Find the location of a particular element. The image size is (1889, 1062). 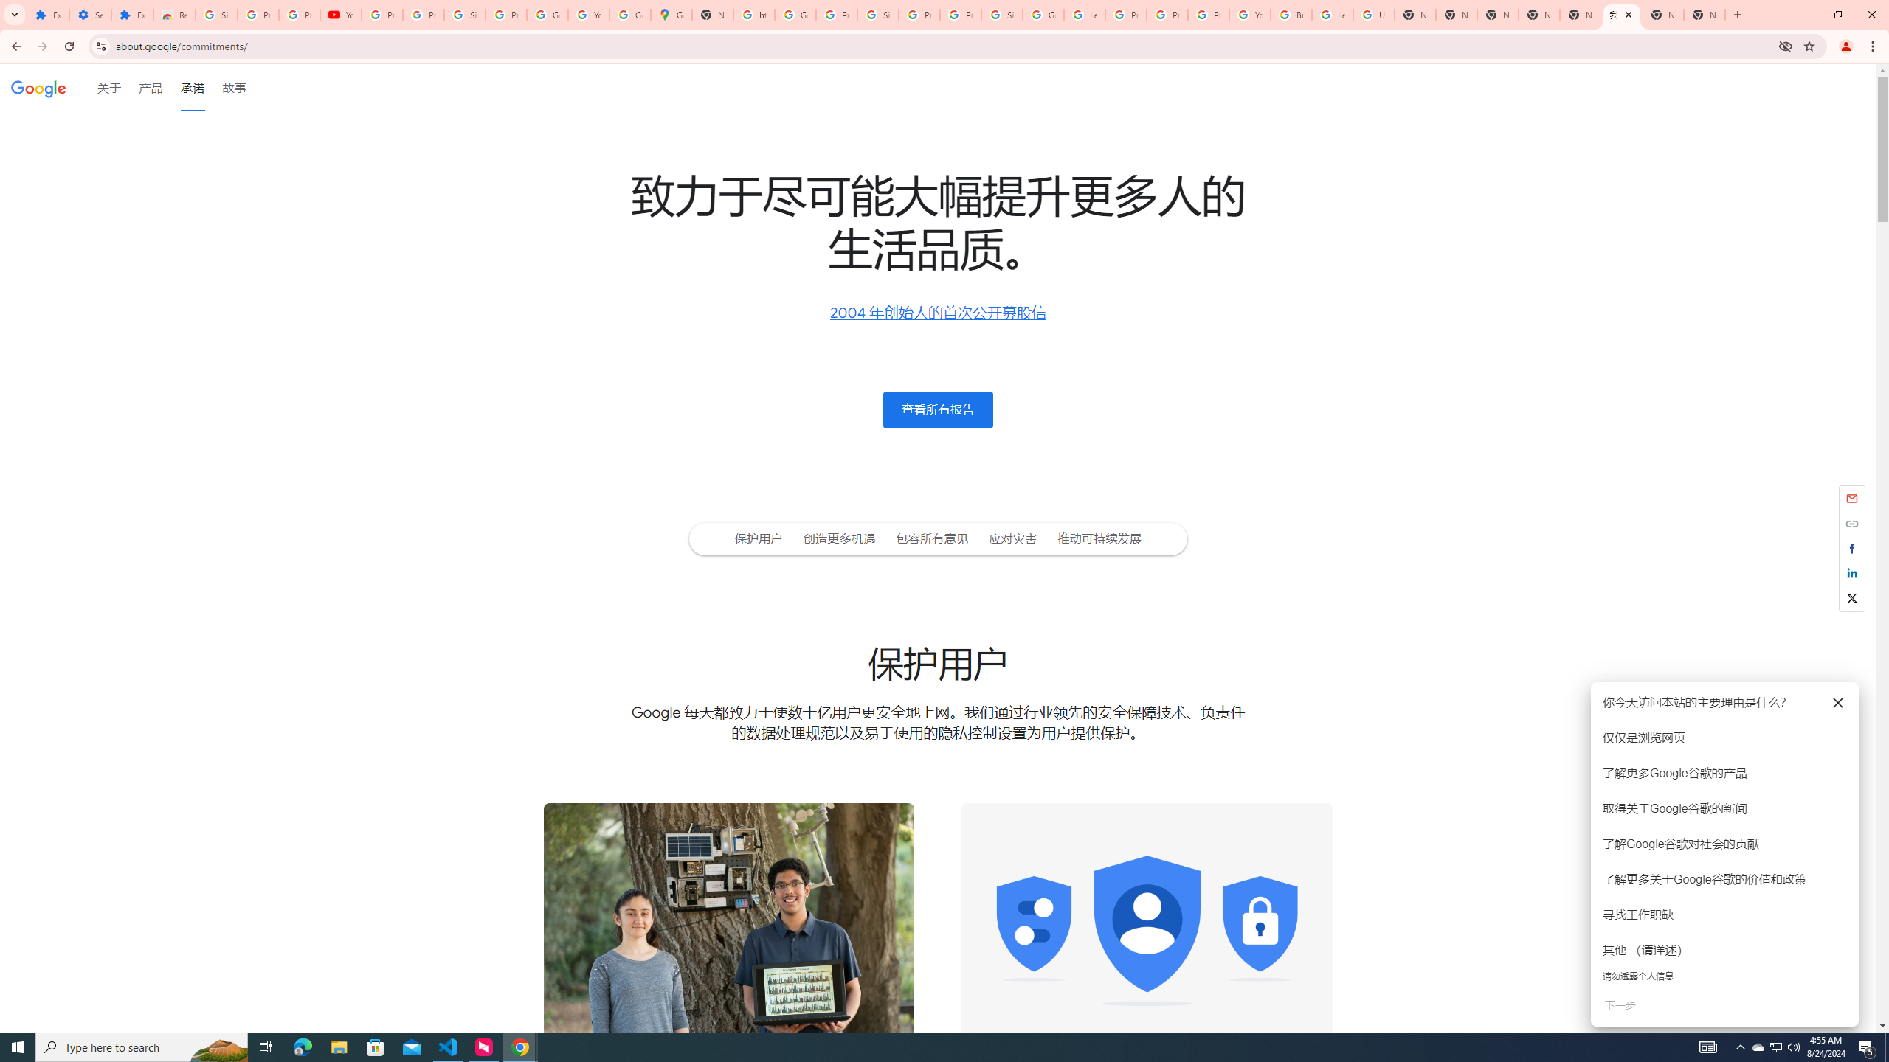

'Google Maps' is located at coordinates (671, 14).